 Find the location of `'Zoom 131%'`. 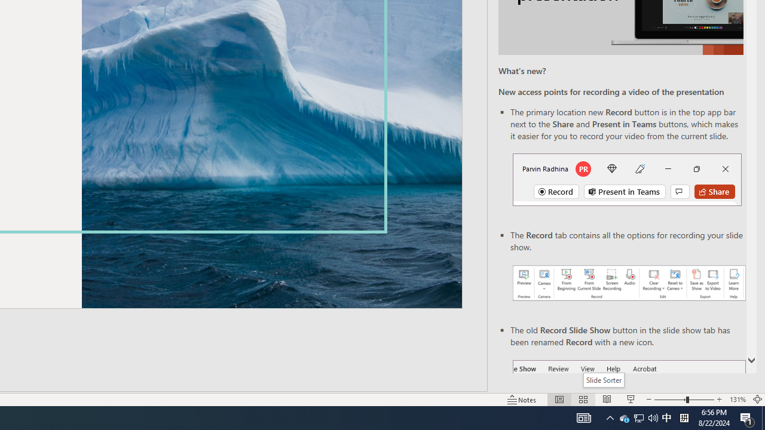

'Zoom 131%' is located at coordinates (737, 400).